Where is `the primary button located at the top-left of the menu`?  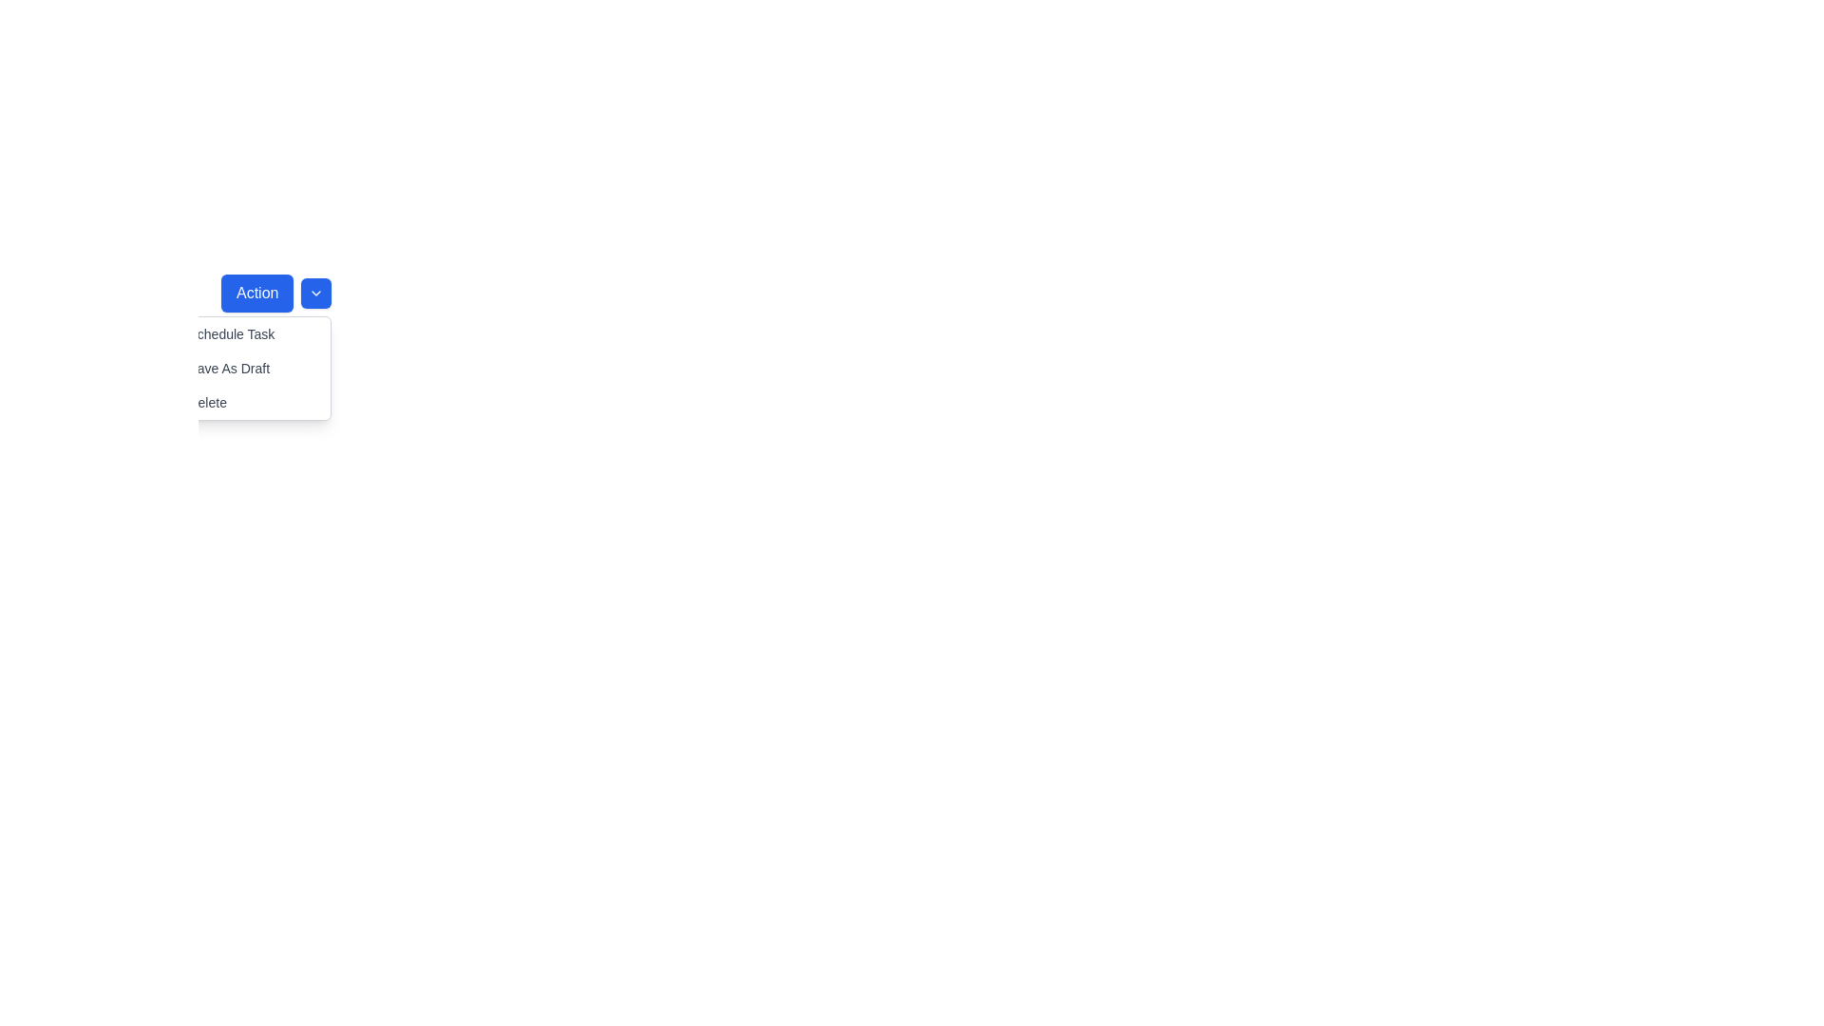
the primary button located at the top-left of the menu is located at coordinates (256, 293).